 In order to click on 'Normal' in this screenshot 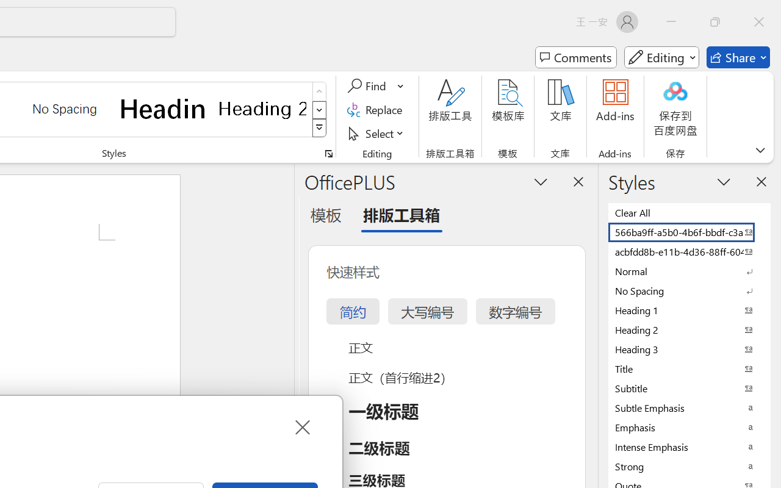, I will do `click(689, 270)`.